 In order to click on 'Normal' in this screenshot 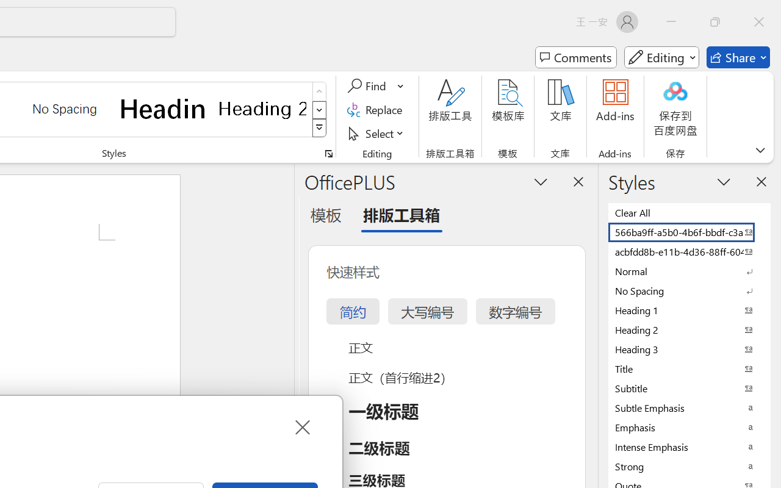, I will do `click(689, 270)`.